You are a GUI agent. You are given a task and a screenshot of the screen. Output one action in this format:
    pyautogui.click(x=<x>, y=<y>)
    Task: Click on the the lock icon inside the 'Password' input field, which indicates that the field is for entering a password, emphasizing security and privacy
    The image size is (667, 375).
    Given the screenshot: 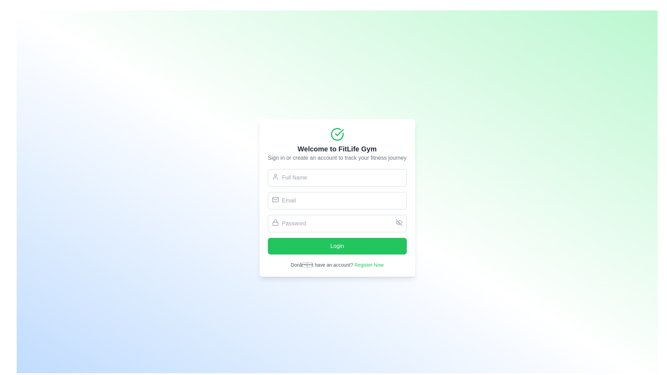 What is the action you would take?
    pyautogui.click(x=275, y=222)
    